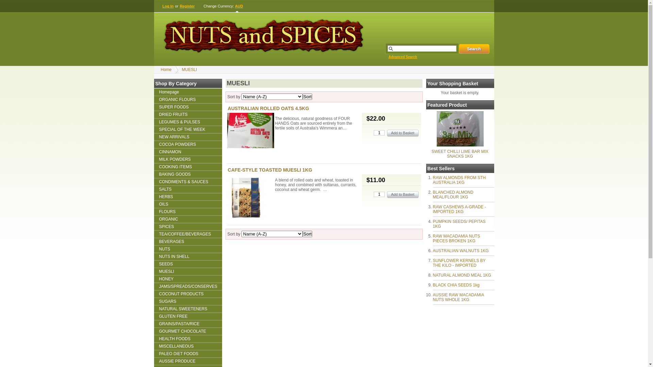  Describe the element at coordinates (403, 194) in the screenshot. I see `'Add to Basket'` at that location.